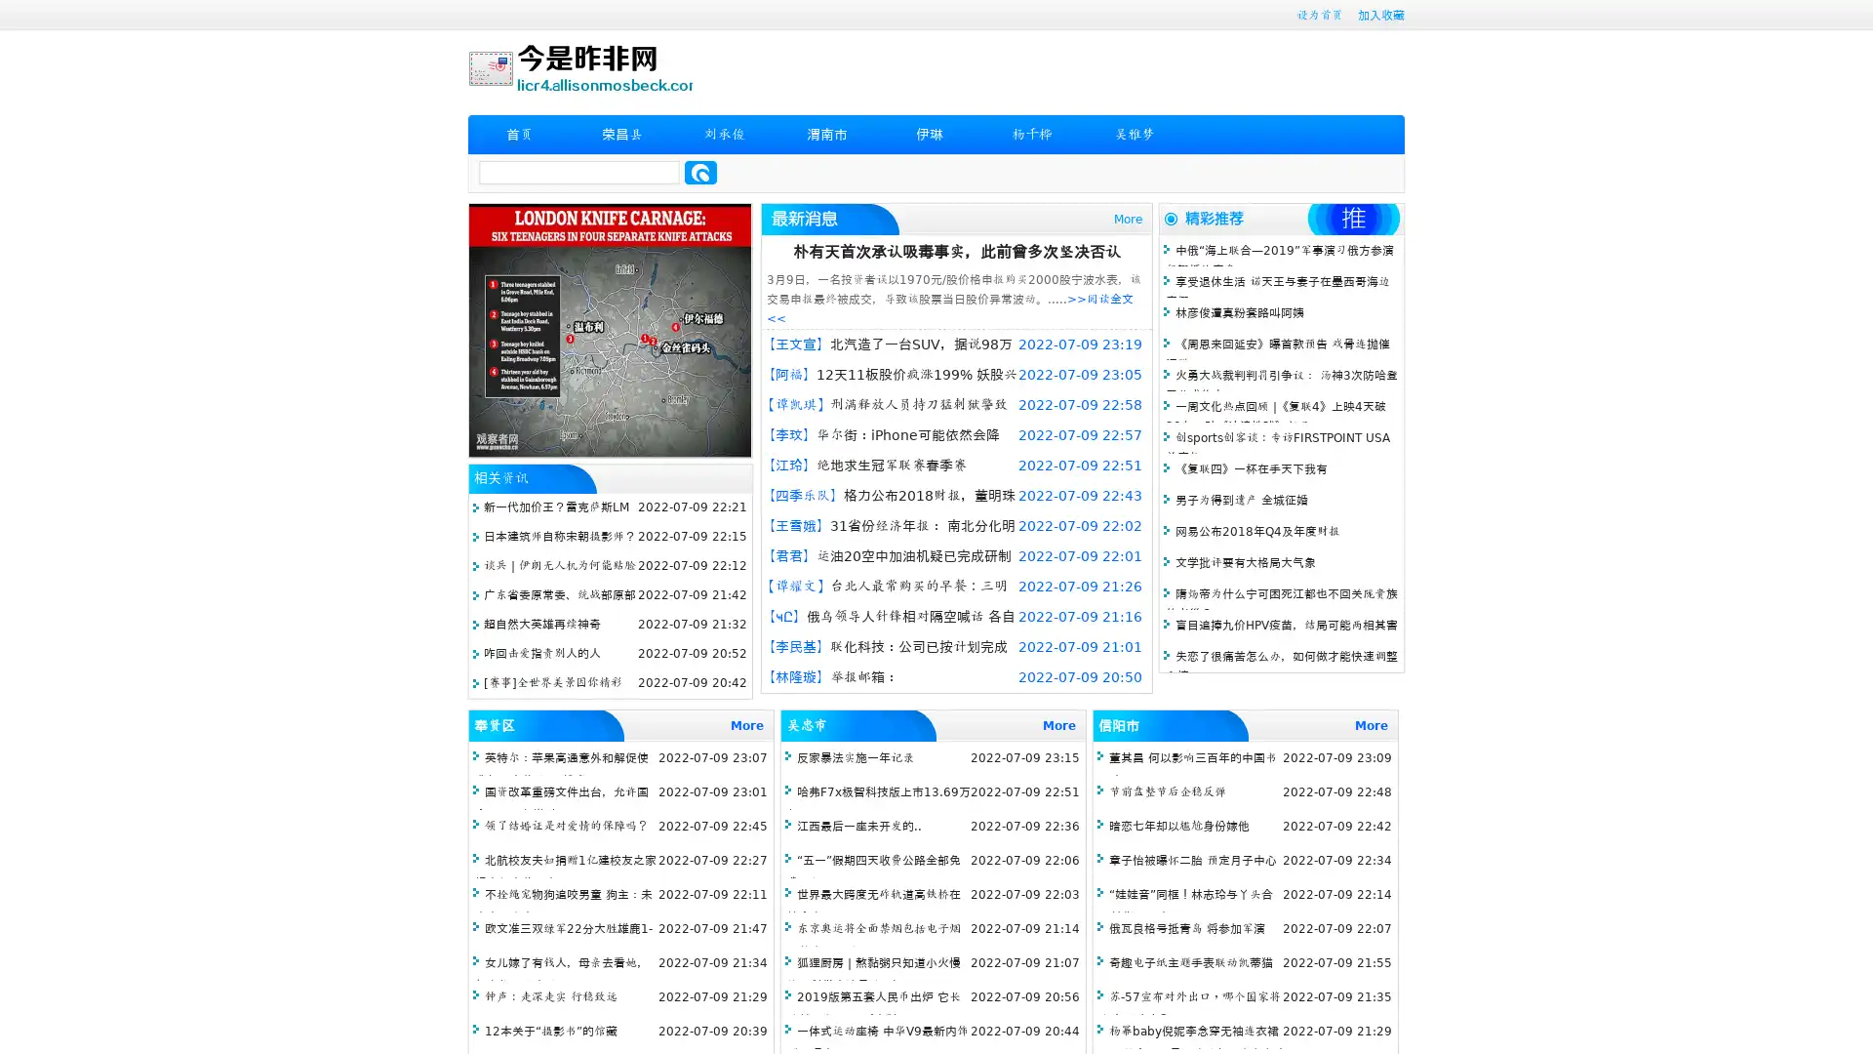 The height and width of the screenshot is (1054, 1873). Describe the element at coordinates (700, 172) in the screenshot. I see `Search` at that location.